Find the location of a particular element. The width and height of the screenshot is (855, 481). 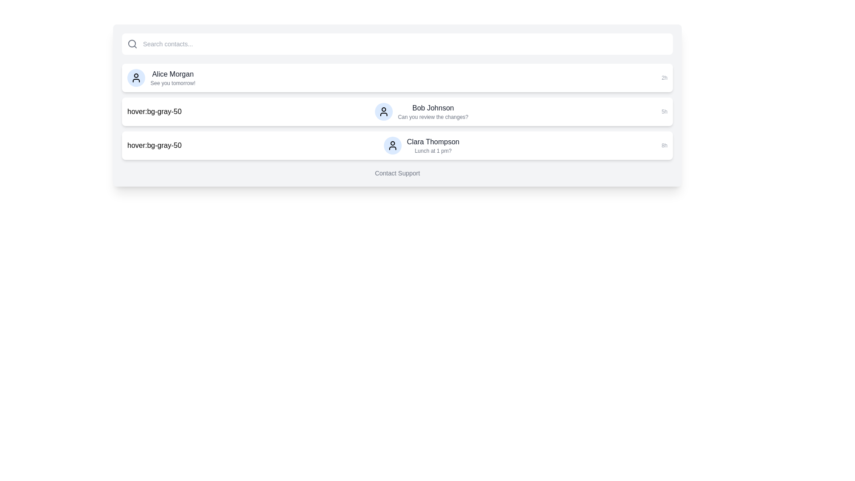

text content of the message preview or status update associated with 'Alice Morgan', which is located below the name in the upper left quadrant of the interface is located at coordinates (173, 83).